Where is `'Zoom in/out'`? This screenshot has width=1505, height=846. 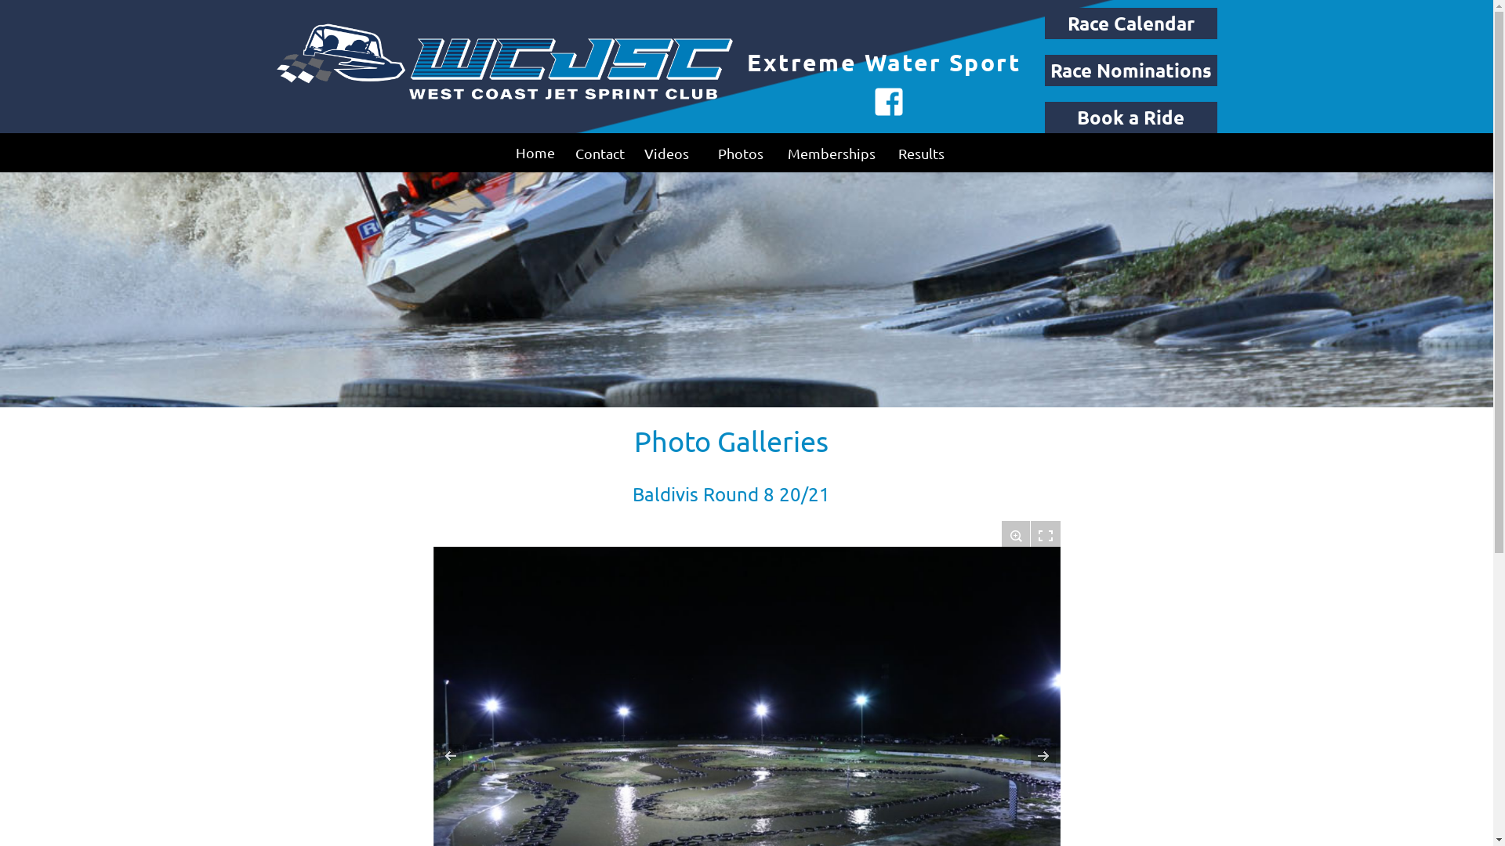
'Zoom in/out' is located at coordinates (1016, 534).